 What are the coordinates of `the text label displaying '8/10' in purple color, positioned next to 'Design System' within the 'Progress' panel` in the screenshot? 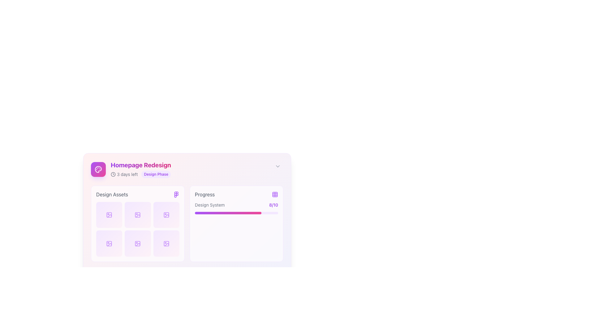 It's located at (273, 205).